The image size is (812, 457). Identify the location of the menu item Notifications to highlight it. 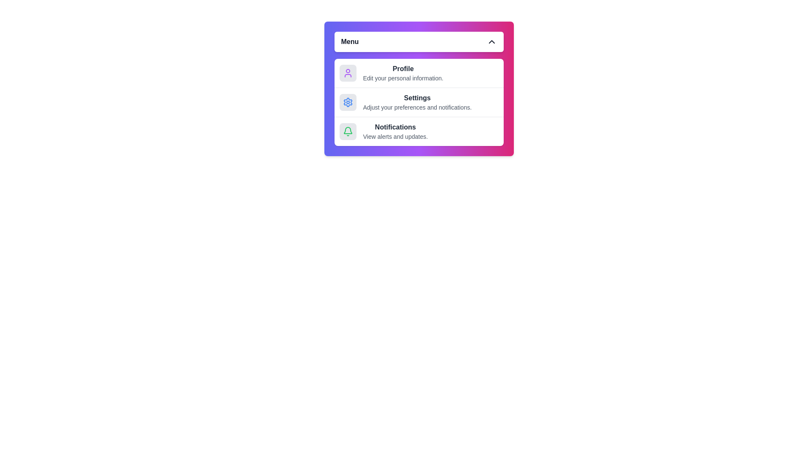
(419, 131).